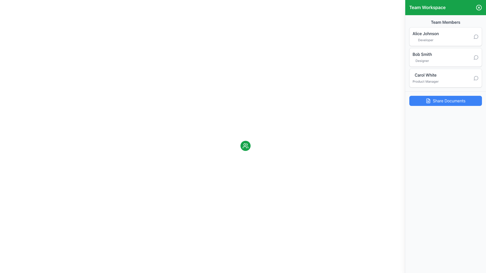  Describe the element at coordinates (422, 60) in the screenshot. I see `the text label displaying the role of team member 'Bob Smith' located in the right panel under 'Team Workspace'` at that location.